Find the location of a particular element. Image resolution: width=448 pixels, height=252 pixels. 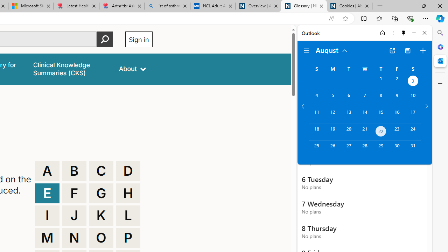

'Sunday, August 4, 2024. ' is located at coordinates (316, 98).